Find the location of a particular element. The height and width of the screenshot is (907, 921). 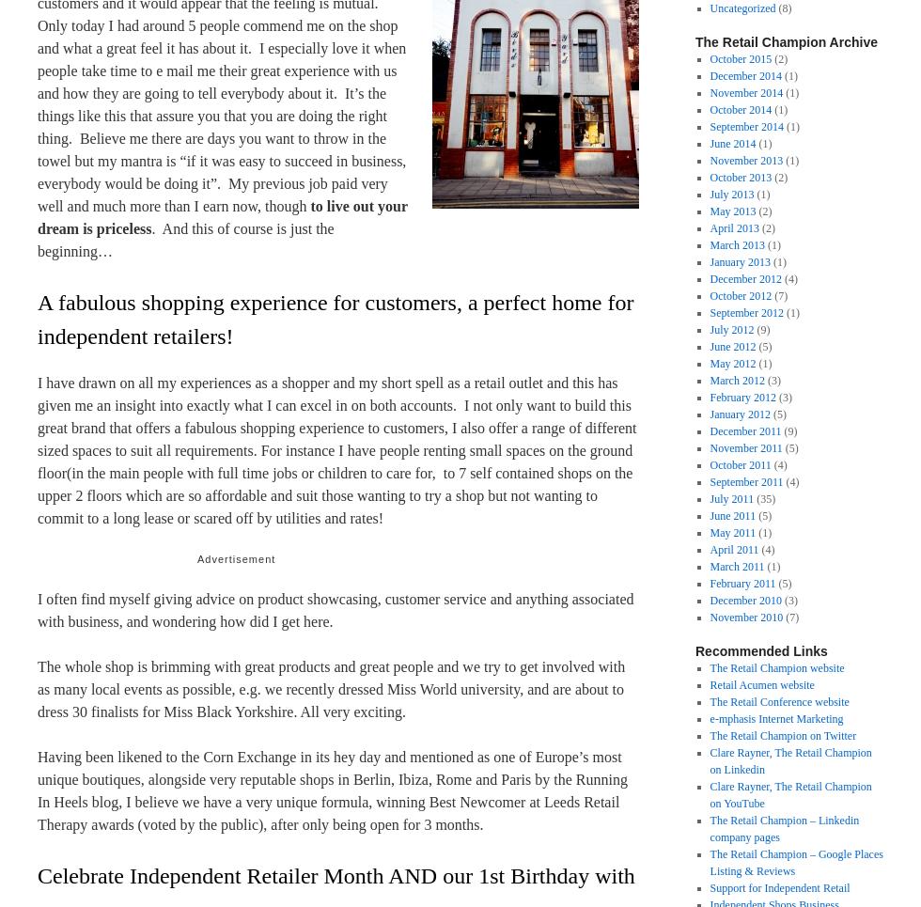

'March 2013' is located at coordinates (737, 245).